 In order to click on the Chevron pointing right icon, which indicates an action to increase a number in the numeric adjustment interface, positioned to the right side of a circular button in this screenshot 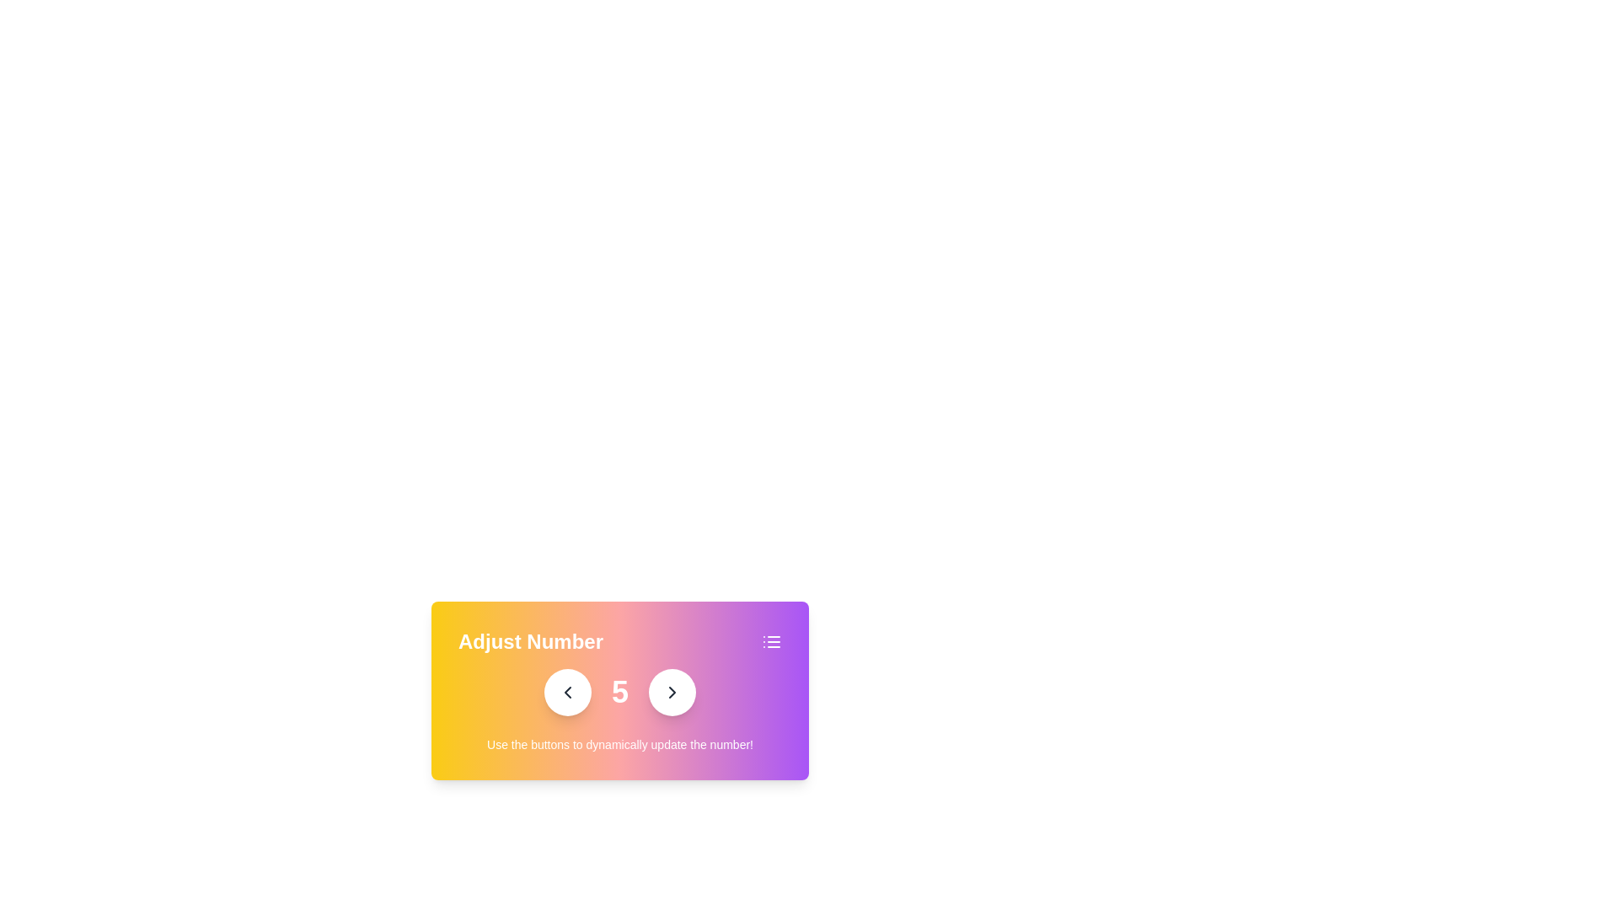, I will do `click(671, 692)`.